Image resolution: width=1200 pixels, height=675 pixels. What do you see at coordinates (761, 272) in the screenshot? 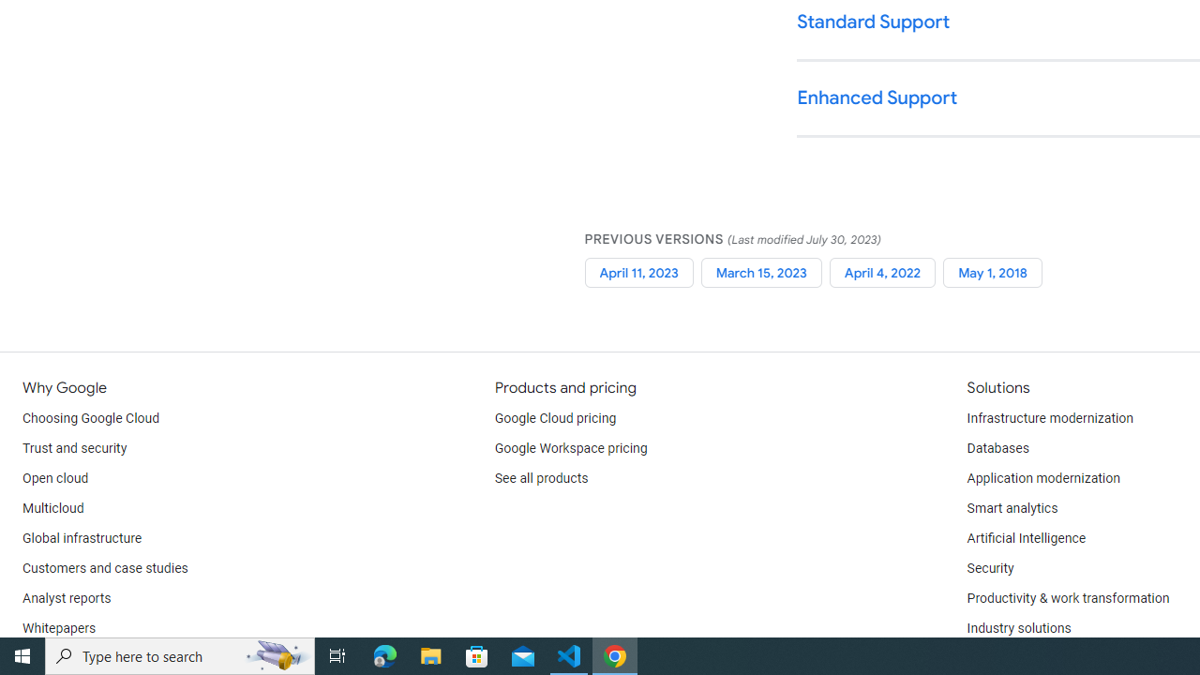
I see `'March 15, 2023'` at bounding box center [761, 272].